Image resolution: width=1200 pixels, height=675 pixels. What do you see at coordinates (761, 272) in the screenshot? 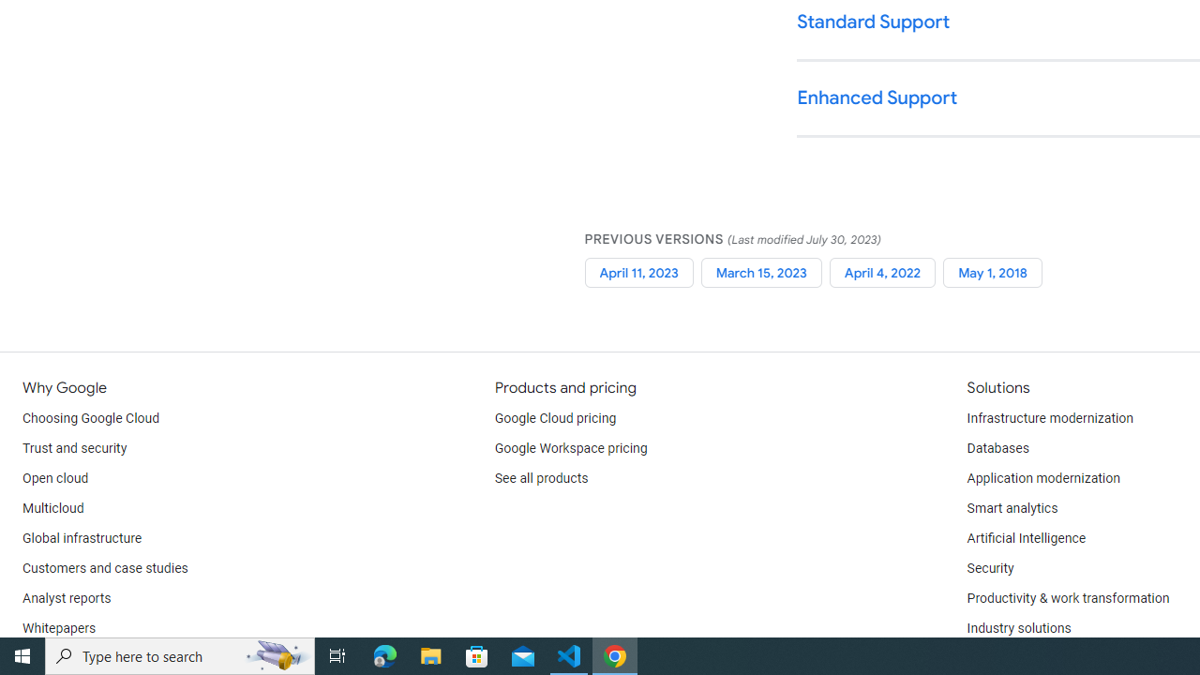
I see `'March 15, 2023'` at bounding box center [761, 272].